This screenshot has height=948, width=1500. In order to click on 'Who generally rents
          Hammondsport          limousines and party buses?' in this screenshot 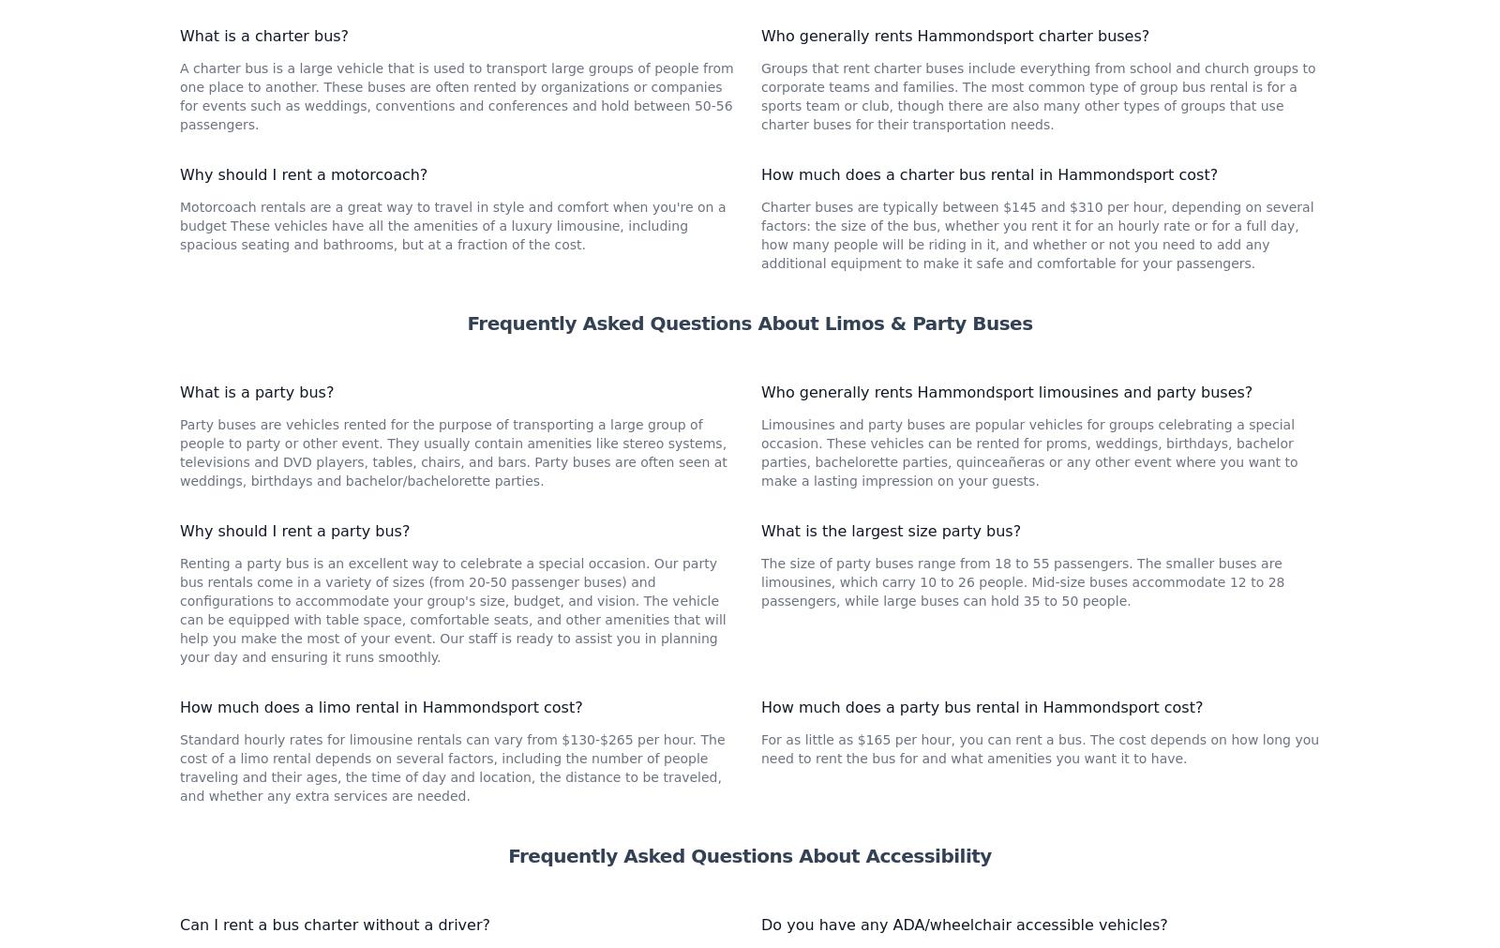, I will do `click(759, 640)`.